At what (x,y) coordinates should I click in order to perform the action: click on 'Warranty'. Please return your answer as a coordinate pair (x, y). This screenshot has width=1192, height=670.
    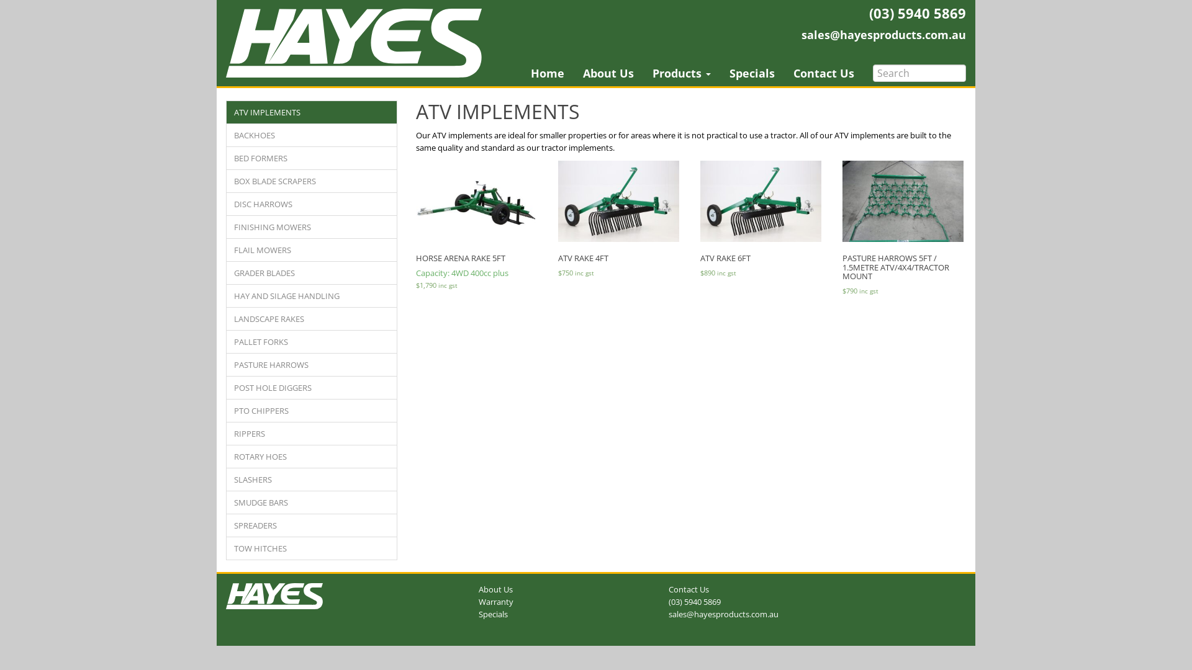
    Looking at the image, I should click on (495, 601).